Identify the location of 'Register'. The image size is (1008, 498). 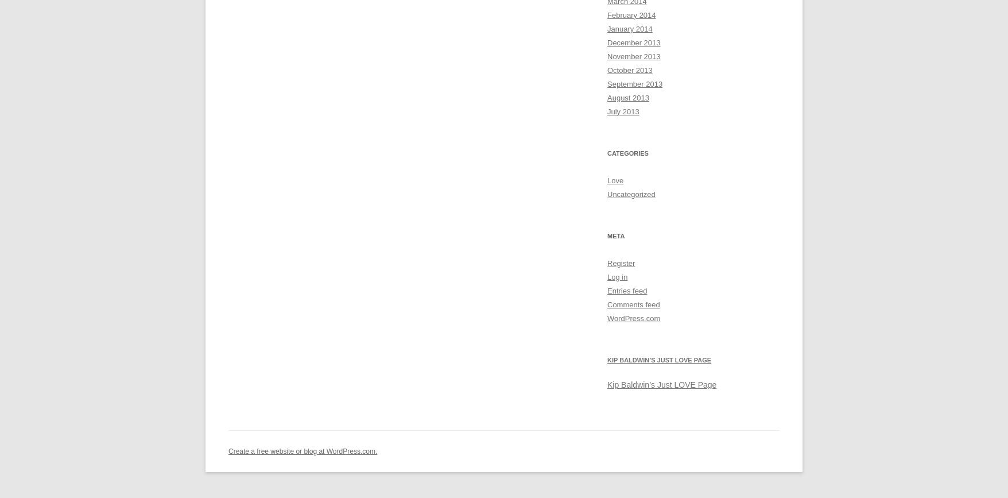
(621, 262).